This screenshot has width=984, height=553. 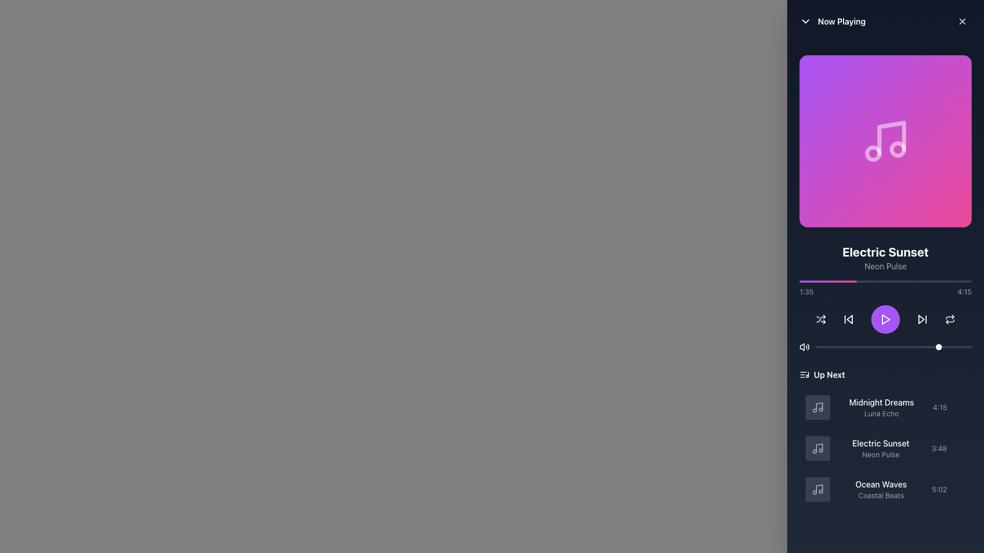 I want to click on the Volume icon, which is a modern speaker icon emitting sound waves located near the bottom left of the player interface, so click(x=804, y=347).